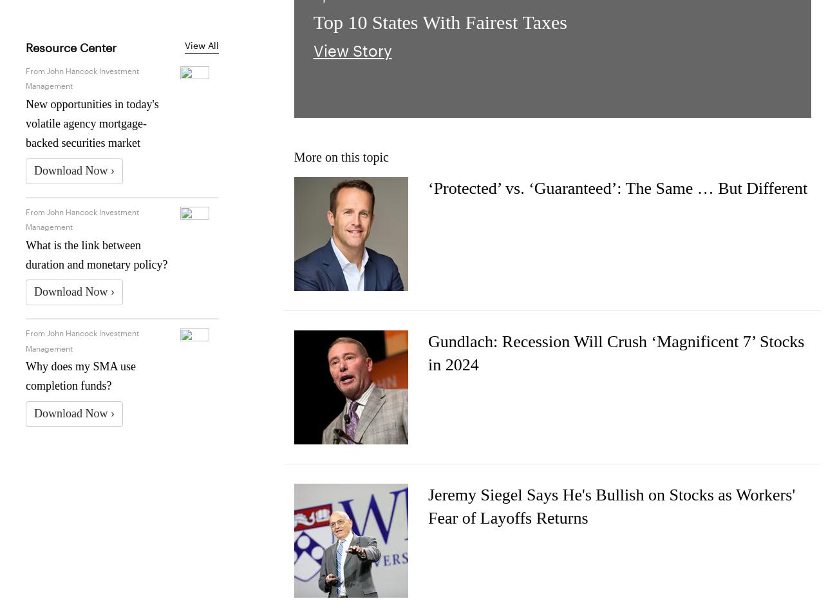  I want to click on 'New opportunities in today's volatile agency mortgage-backed securities market', so click(91, 122).